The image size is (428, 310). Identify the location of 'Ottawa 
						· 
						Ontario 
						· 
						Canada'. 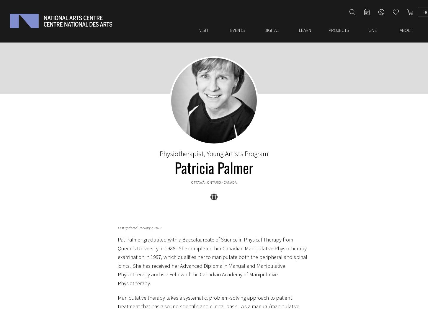
(214, 179).